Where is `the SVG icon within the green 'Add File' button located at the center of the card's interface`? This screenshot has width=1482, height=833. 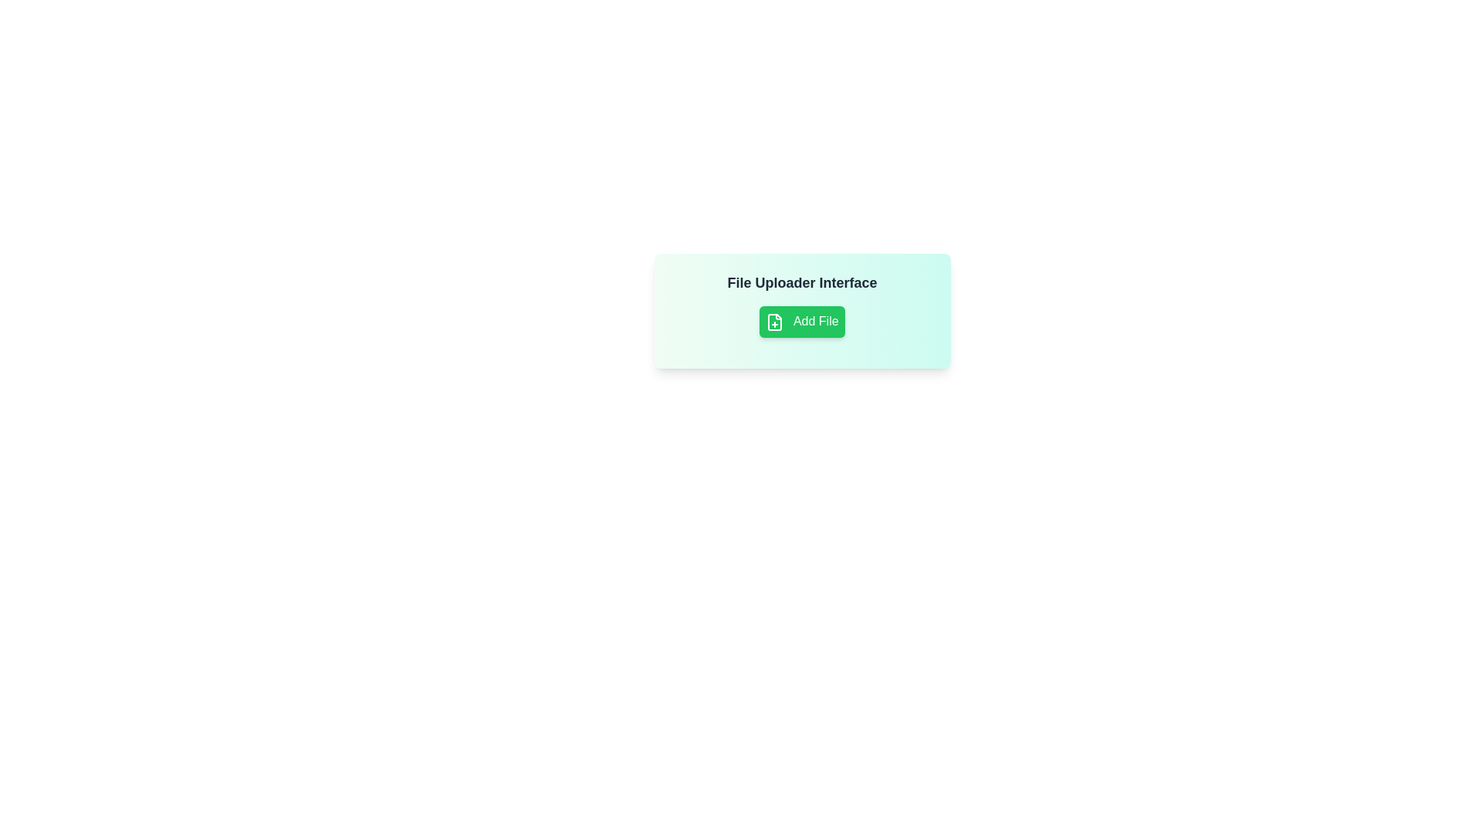
the SVG icon within the green 'Add File' button located at the center of the card's interface is located at coordinates (775, 321).